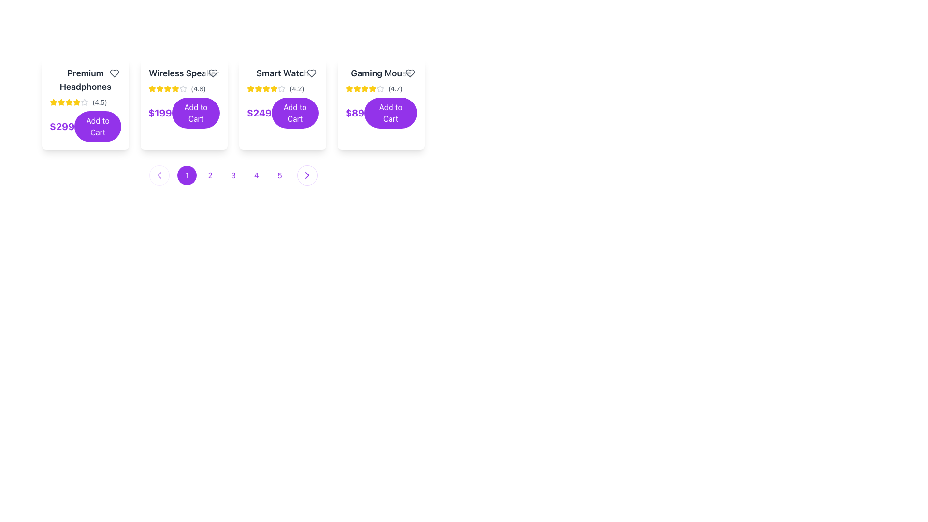 Image resolution: width=928 pixels, height=522 pixels. I want to click on the third star icon in the rating display of the product card titled 'Gaming Mouse', so click(372, 88).